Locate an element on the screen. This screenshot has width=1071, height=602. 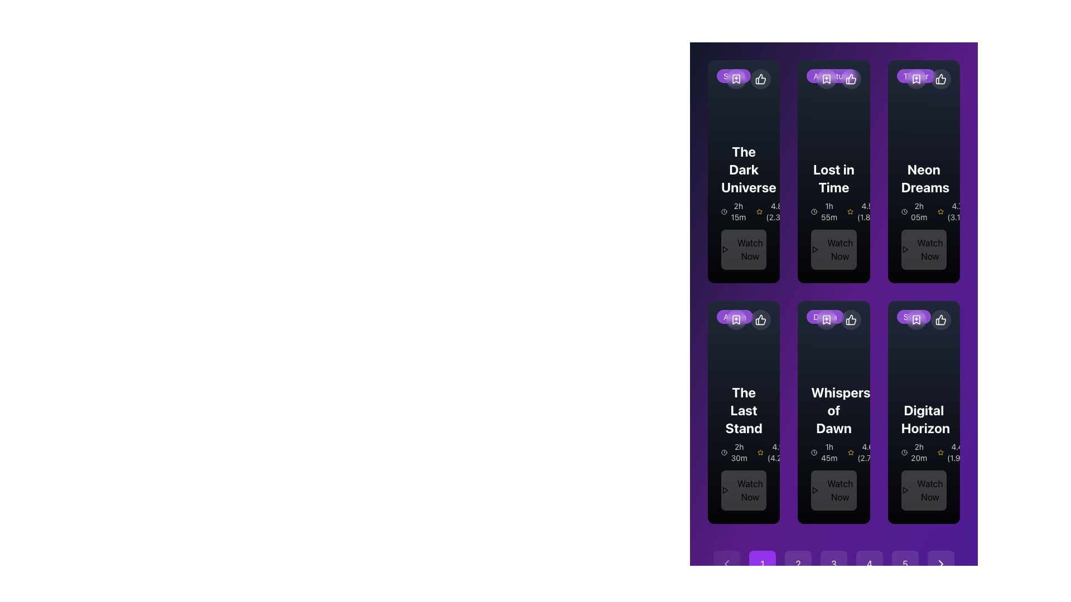
the bookmark action button located in the top-left corner of the second row of content items, which allows users to save or mark the related content item for later is located at coordinates (736, 320).